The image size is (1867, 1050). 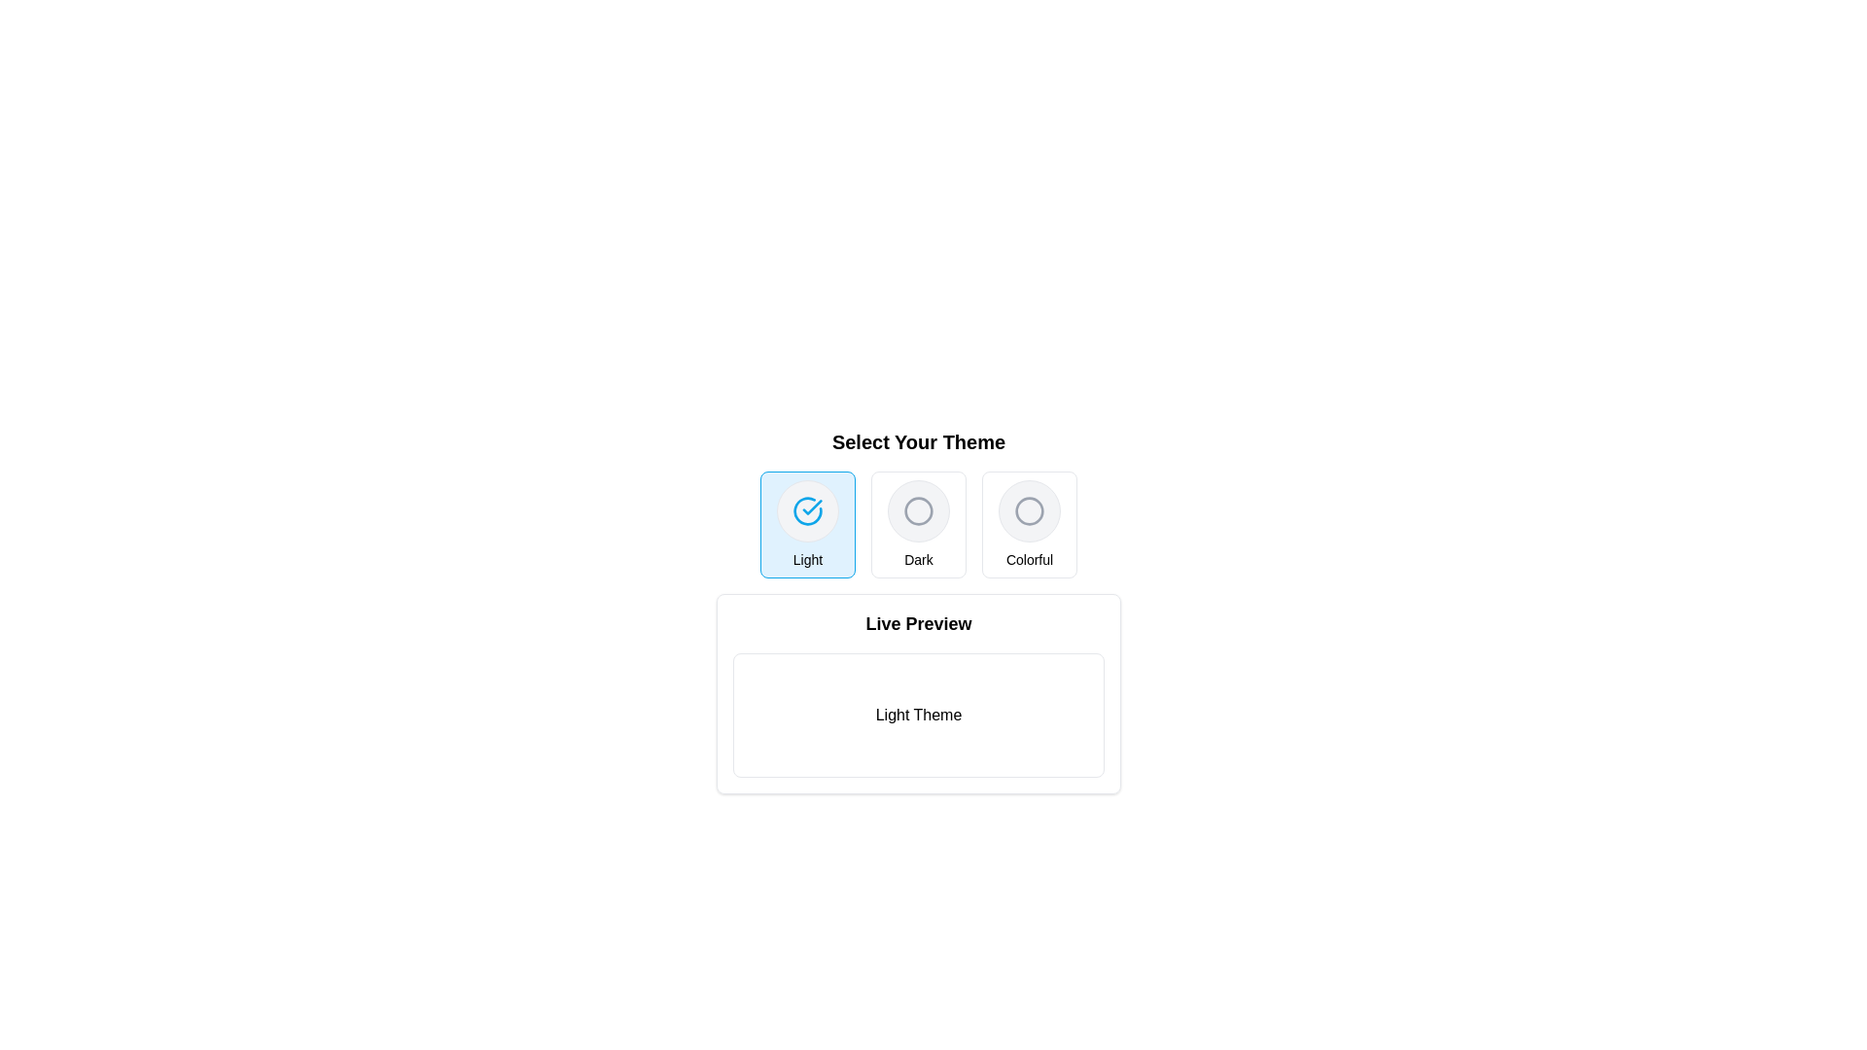 I want to click on the Button group with selectable options for choosing a theme located below the 'Select Your Theme' heading and above the 'Live Preview' section, so click(x=918, y=525).